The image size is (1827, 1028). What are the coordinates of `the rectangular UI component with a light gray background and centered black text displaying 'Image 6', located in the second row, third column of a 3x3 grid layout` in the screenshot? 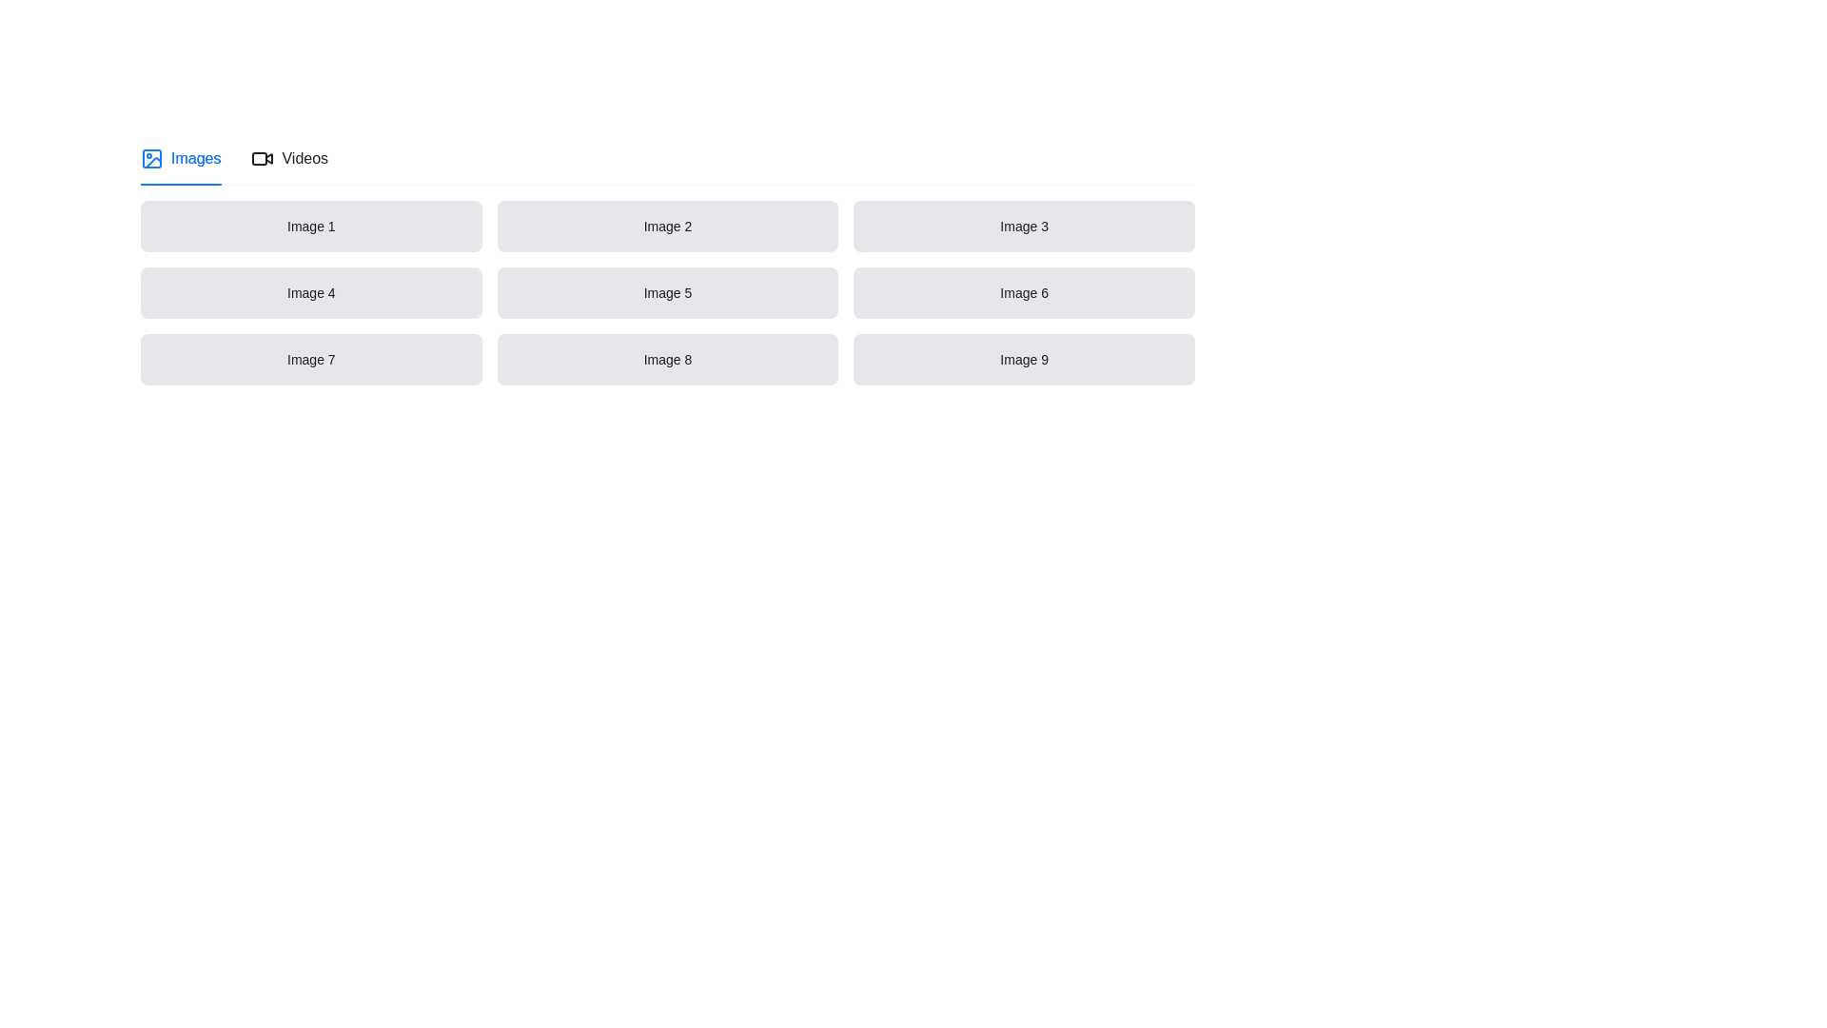 It's located at (1023, 293).